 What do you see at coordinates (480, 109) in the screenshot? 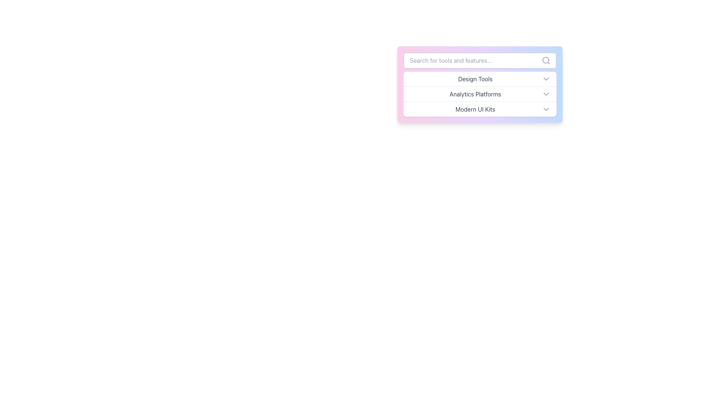
I see `the 'Modern UI Kits' option in the dropdown menu` at bounding box center [480, 109].